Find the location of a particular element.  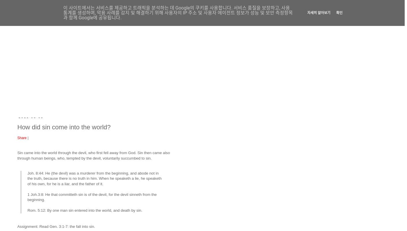

'Joh. 8:44: He (the devil) was a murderer from the beginning, and abode not in the truth, because there is no truth in him. When he speaketh a lie, he speaketh of his own, for he is a liar, and the father of it.' is located at coordinates (27, 178).